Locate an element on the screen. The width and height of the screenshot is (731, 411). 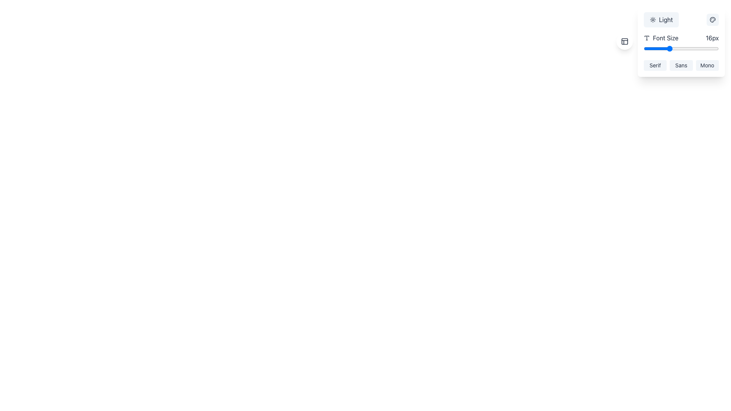
the circular button with a white background and a dark-colored panel view icon is located at coordinates (624, 41).